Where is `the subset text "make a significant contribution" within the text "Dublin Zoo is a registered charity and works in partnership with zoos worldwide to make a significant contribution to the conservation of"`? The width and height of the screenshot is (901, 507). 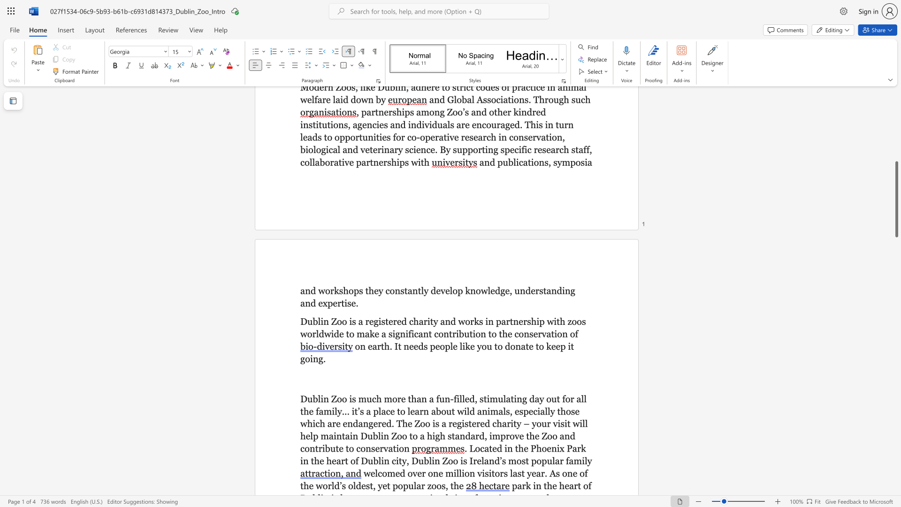 the subset text "make a significant contribution" within the text "Dublin Zoo is a registered charity and works in partnership with zoos worldwide to make a significant contribution to the conservation of" is located at coordinates (356, 333).